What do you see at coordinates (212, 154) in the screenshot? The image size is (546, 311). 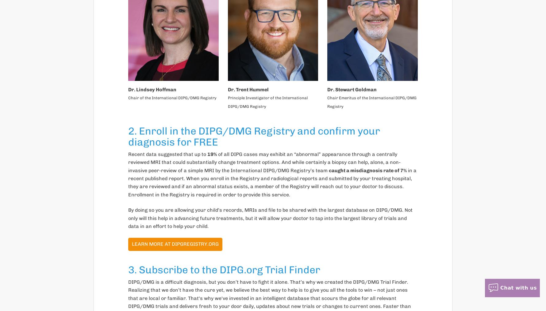 I see `'19%'` at bounding box center [212, 154].